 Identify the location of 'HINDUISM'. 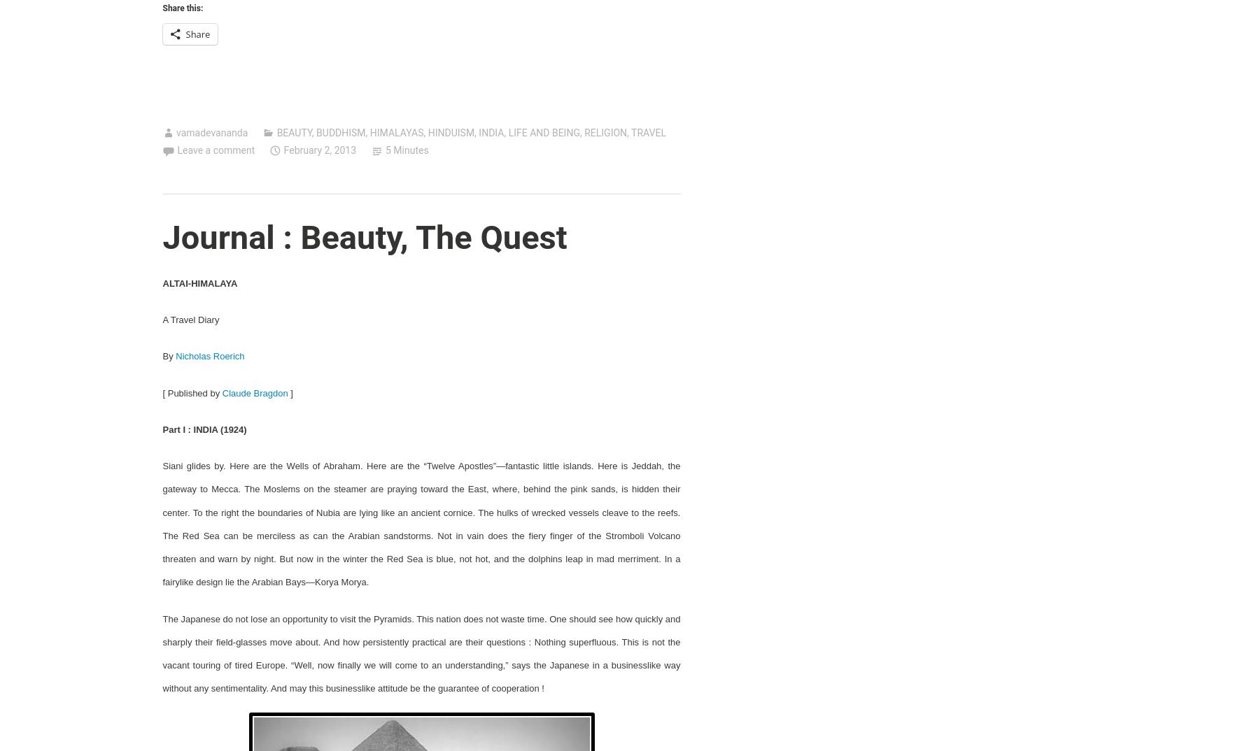
(450, 132).